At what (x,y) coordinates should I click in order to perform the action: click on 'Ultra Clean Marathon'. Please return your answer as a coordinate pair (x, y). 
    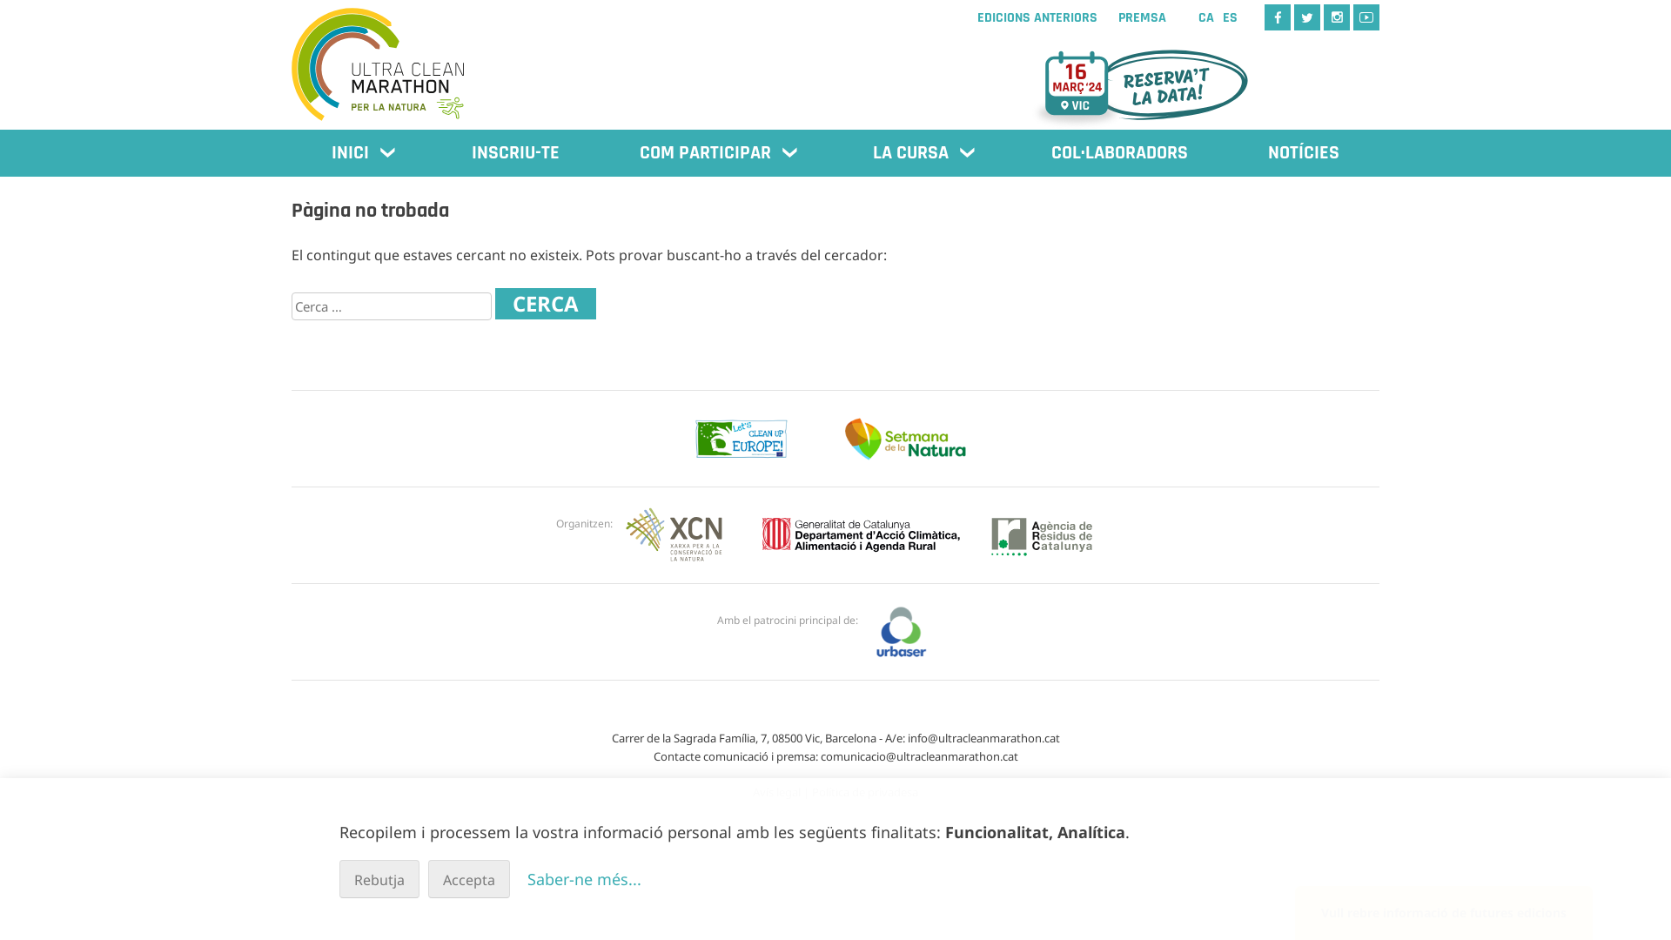
    Looking at the image, I should click on (292, 55).